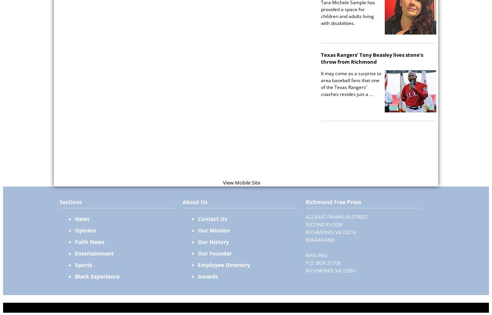 Image resolution: width=492 pixels, height=315 pixels. I want to click on 'Our Mission', so click(214, 230).